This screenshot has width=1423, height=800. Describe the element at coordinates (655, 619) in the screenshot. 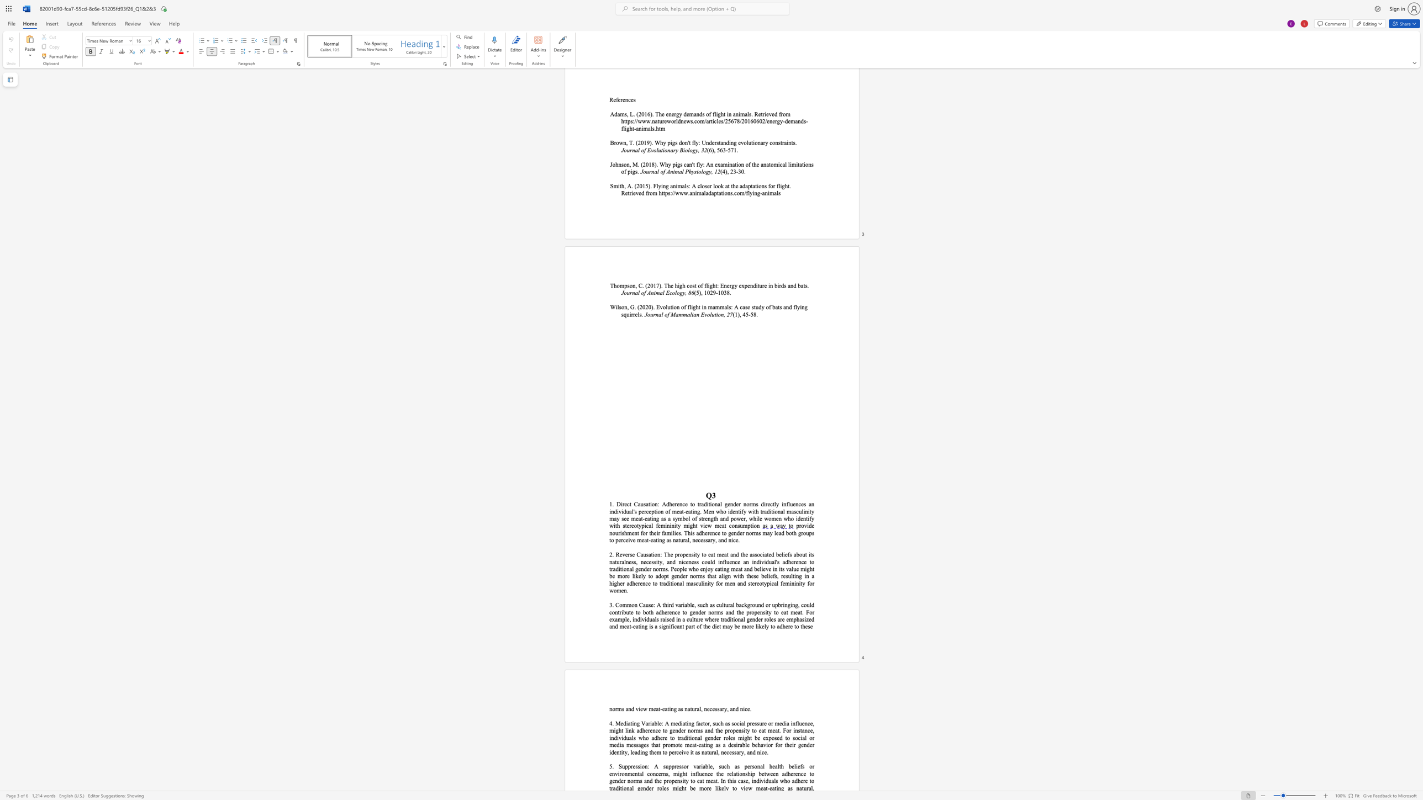

I see `the subset text "ls raised in a culture where traditional gender roles are em" within the text "e: A third variable, such as cultural background or upbringing, could contribute to both adherence to gender norms and the propensity to eat meat. For example, individuals raised in a culture where traditional gender roles are emphasized and meat-eating is"` at that location.